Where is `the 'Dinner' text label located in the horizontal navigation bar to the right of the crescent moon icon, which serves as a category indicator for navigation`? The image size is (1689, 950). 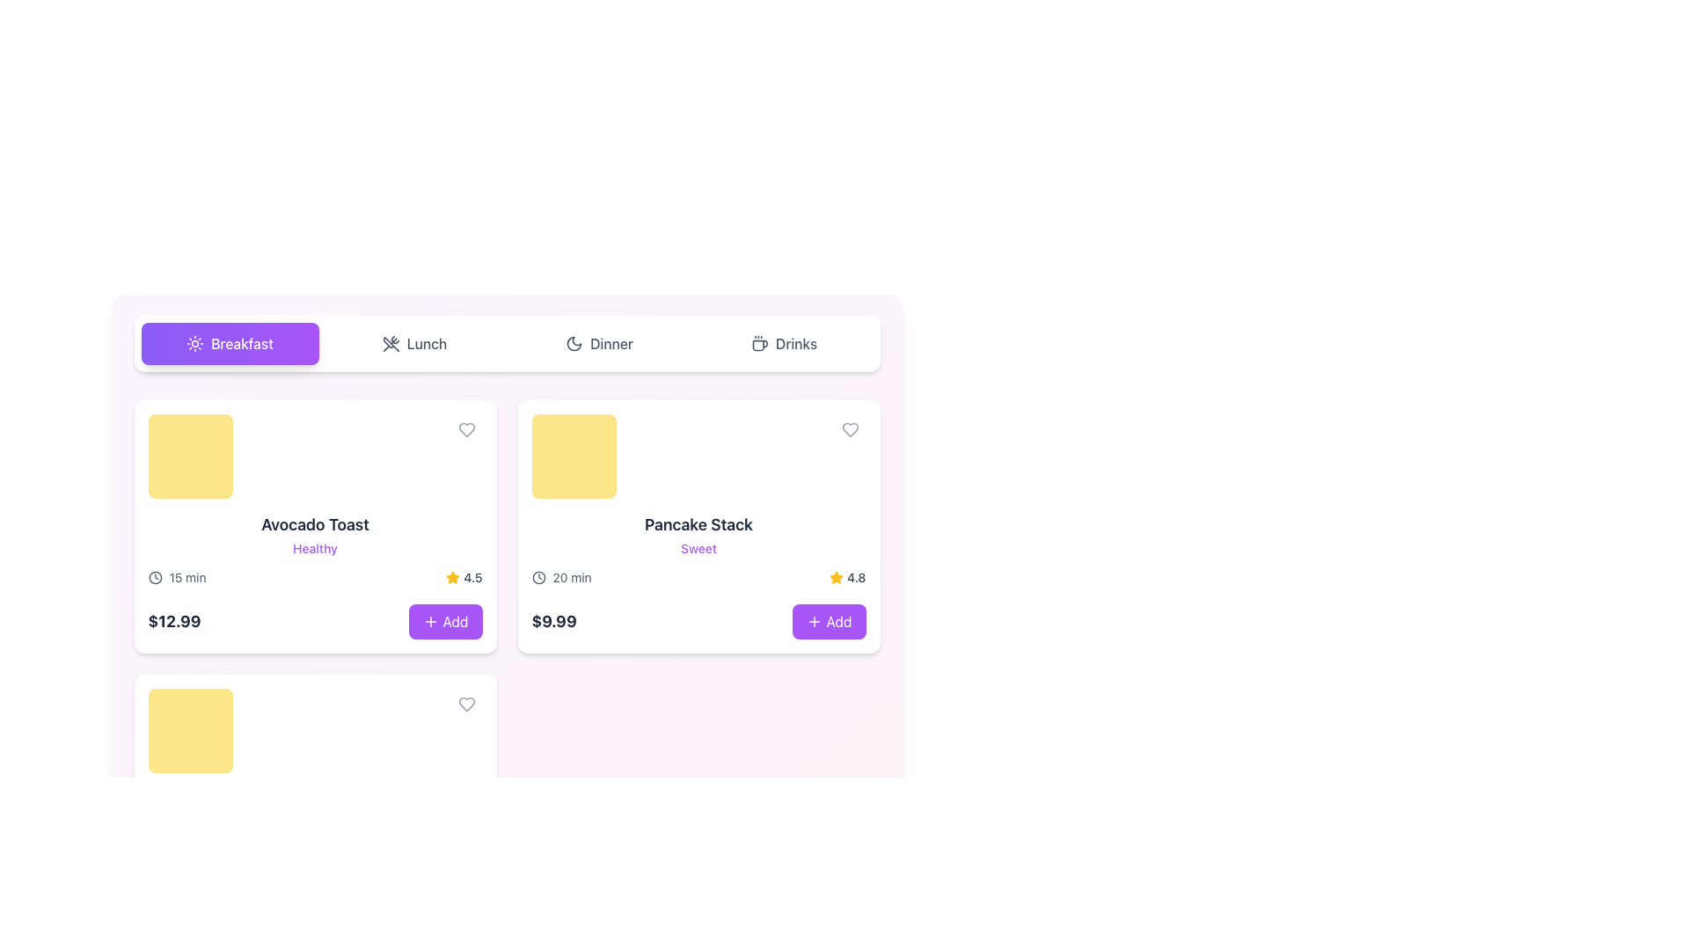 the 'Dinner' text label located in the horizontal navigation bar to the right of the crescent moon icon, which serves as a category indicator for navigation is located at coordinates (611, 343).